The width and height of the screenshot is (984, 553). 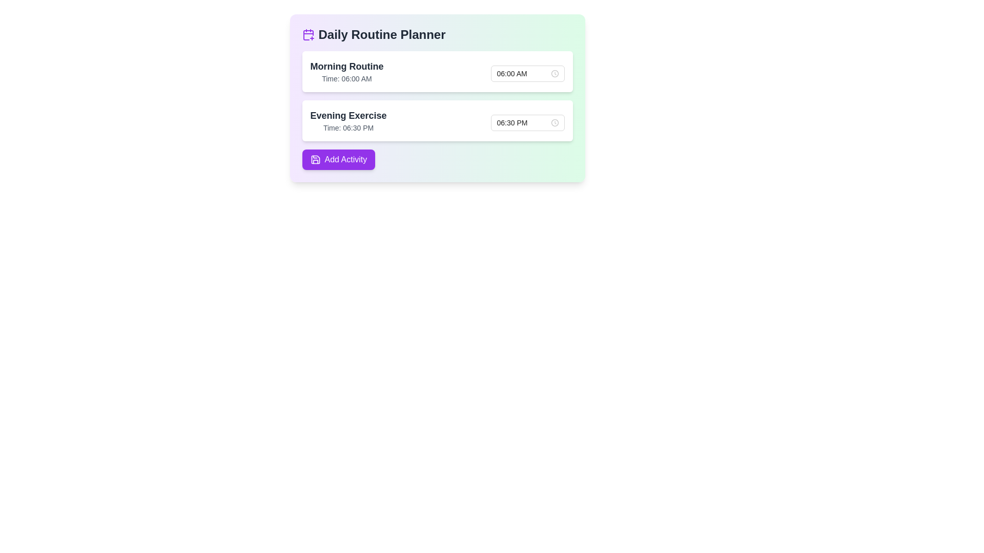 What do you see at coordinates (307, 34) in the screenshot?
I see `the purple calendar icon with a plus sign located to the left of the 'Daily Routine Planner' title` at bounding box center [307, 34].